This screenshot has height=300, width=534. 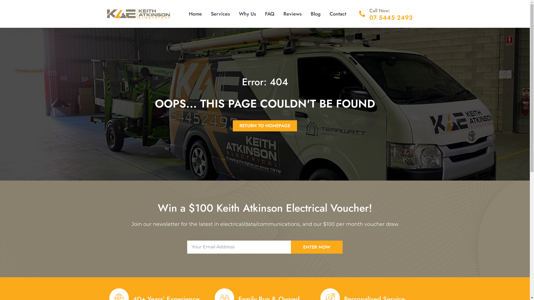 What do you see at coordinates (390, 17) in the screenshot?
I see `'07 5445 2493'` at bounding box center [390, 17].